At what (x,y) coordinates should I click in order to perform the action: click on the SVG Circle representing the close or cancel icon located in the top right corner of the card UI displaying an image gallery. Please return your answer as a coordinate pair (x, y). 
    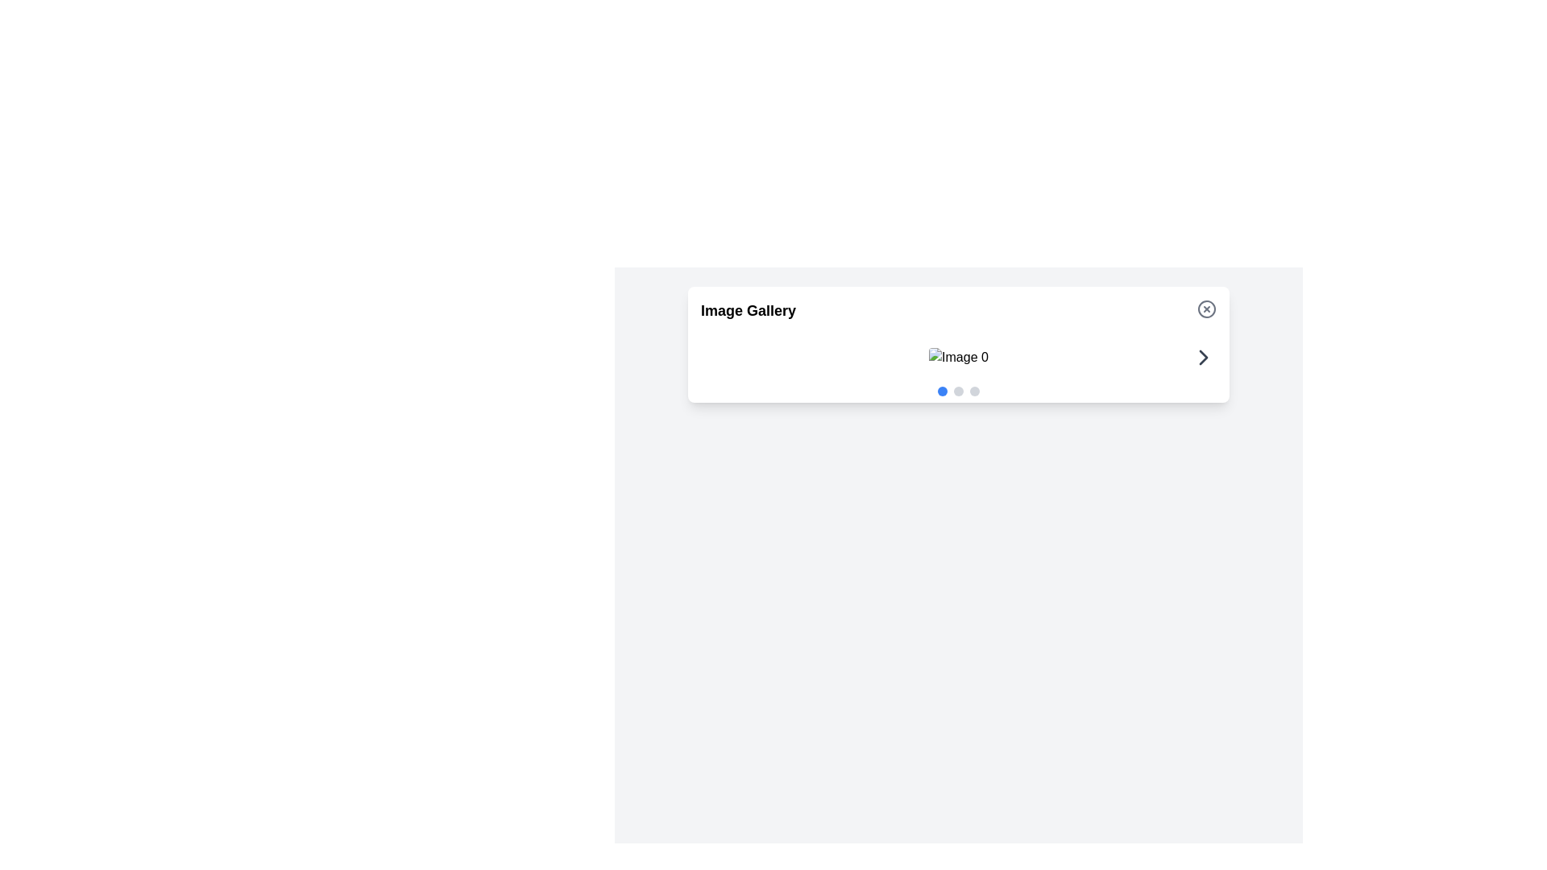
    Looking at the image, I should click on (1206, 309).